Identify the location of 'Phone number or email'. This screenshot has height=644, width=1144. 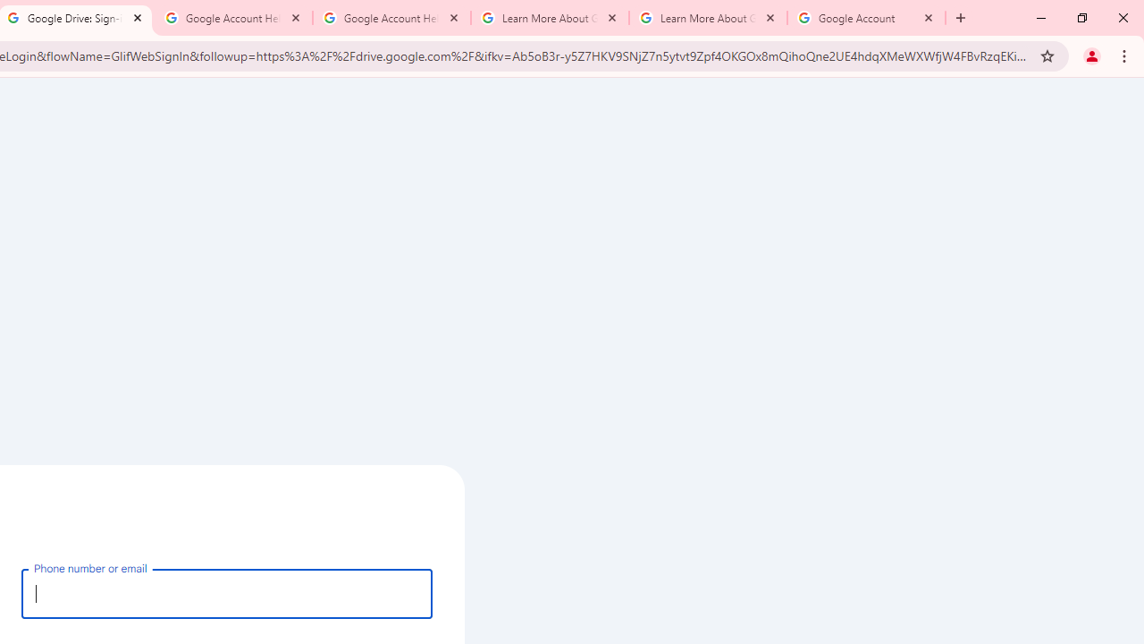
(226, 593).